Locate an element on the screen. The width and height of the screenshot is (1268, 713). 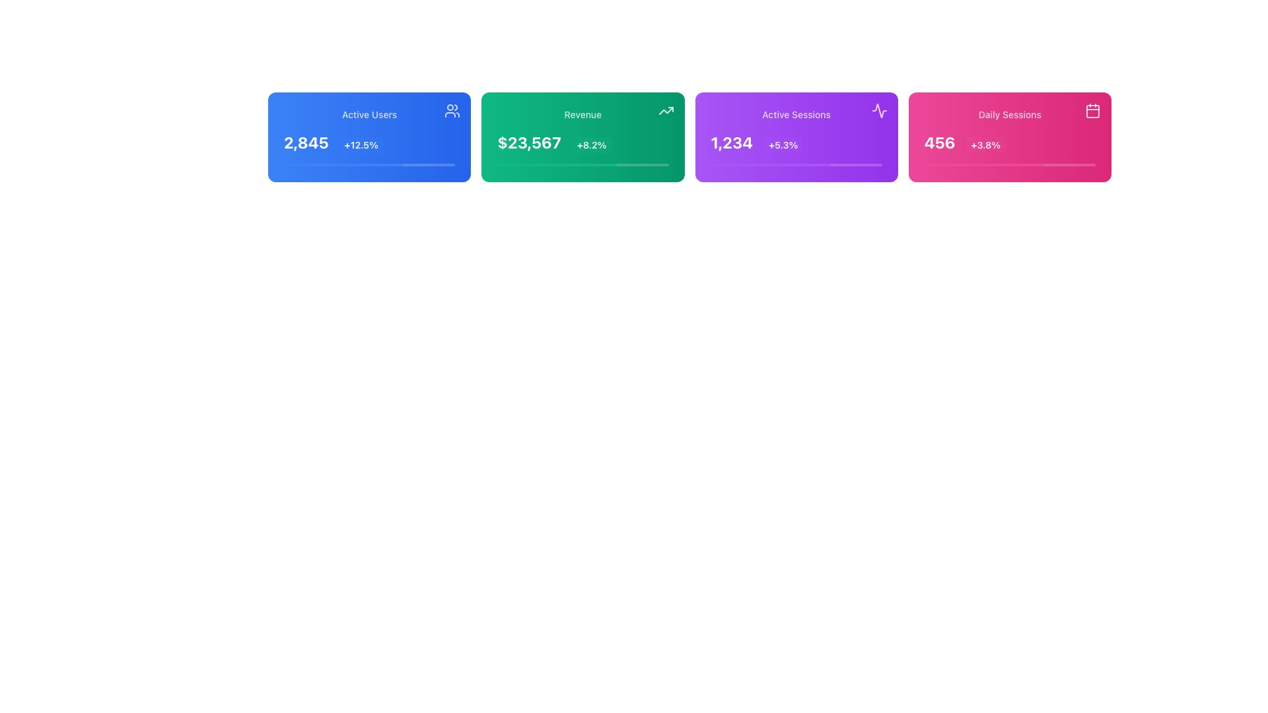
the Textual display with the bold number '1,234' and the percentage value '+5.3%' located within the 'Active Sessions' purple card is located at coordinates (796, 143).